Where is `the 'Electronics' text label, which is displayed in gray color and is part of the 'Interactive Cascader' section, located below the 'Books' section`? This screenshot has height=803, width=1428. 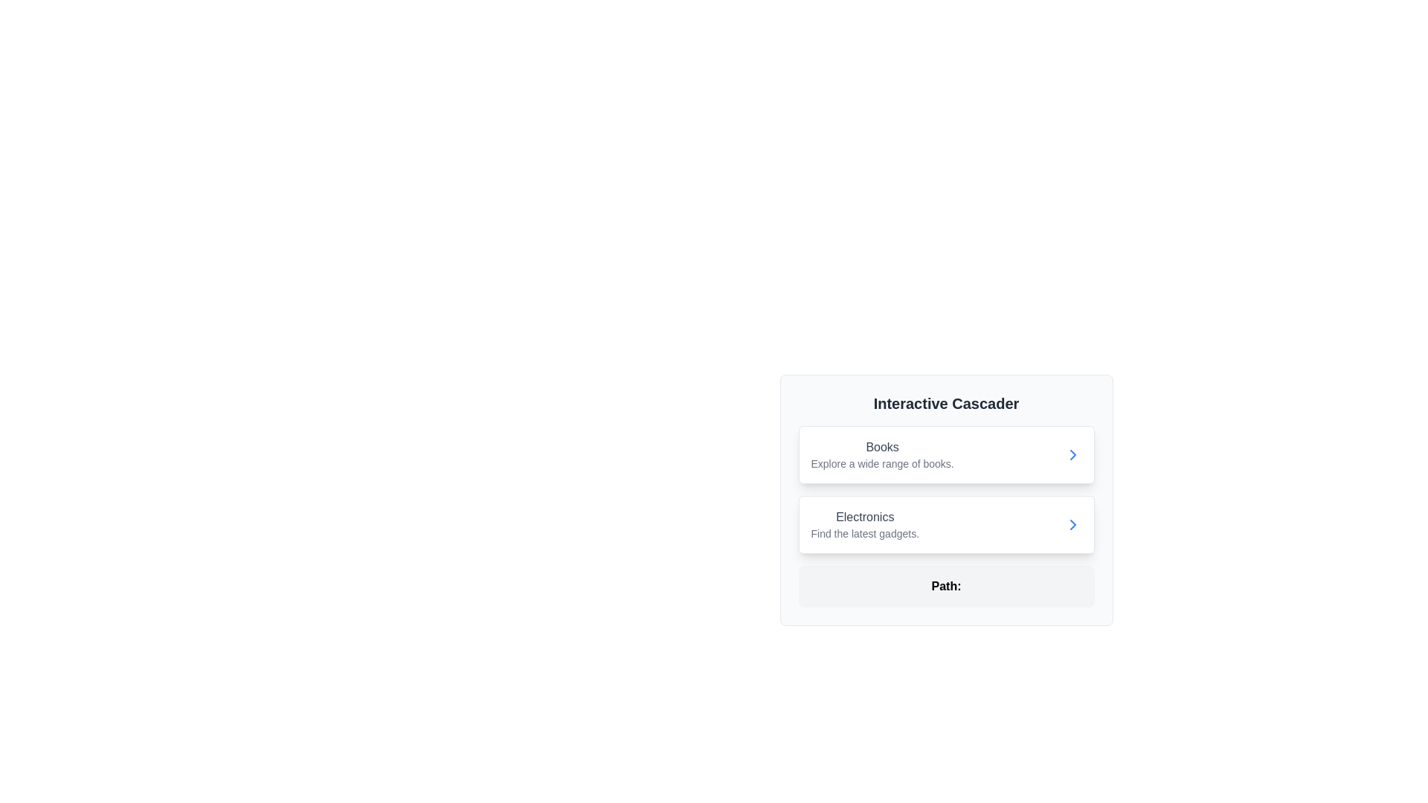 the 'Electronics' text label, which is displayed in gray color and is part of the 'Interactive Cascader' section, located below the 'Books' section is located at coordinates (865, 516).